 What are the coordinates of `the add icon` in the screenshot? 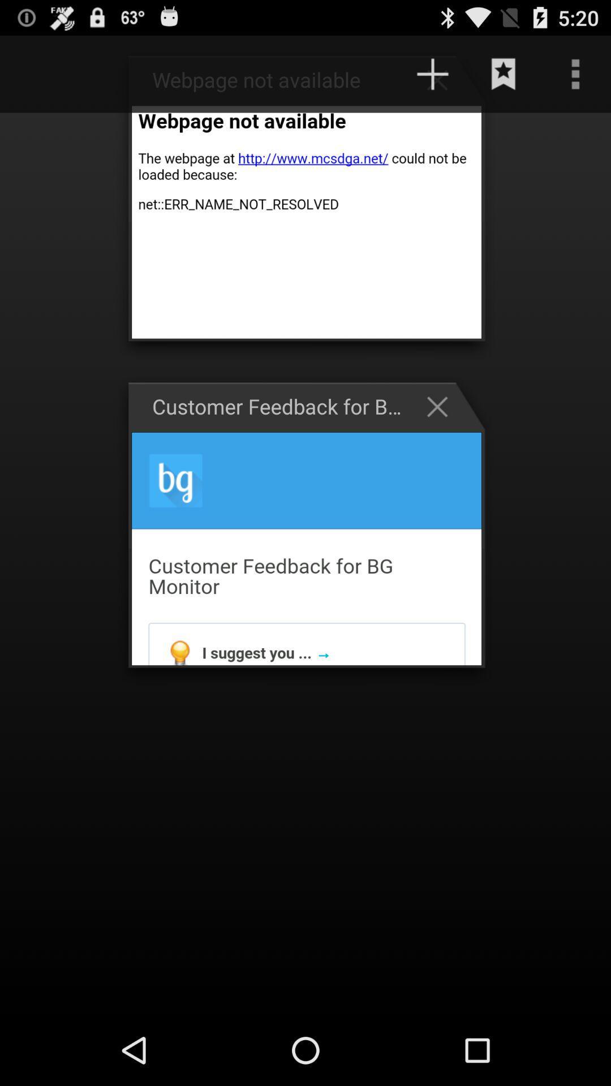 It's located at (442, 84).